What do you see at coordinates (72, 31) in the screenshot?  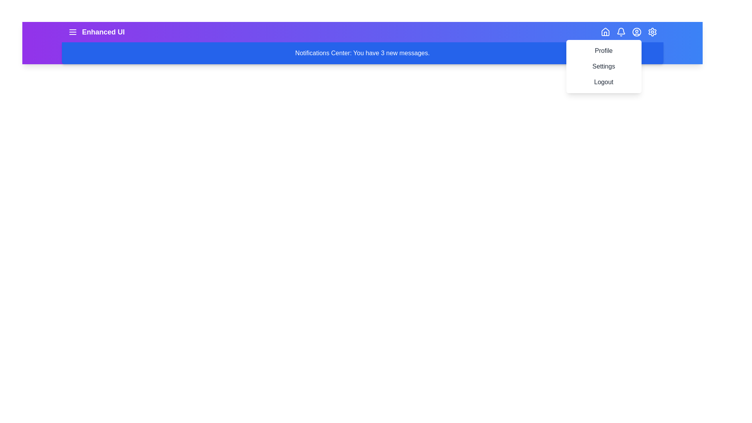 I see `the menu icon to open the navigation menu` at bounding box center [72, 31].